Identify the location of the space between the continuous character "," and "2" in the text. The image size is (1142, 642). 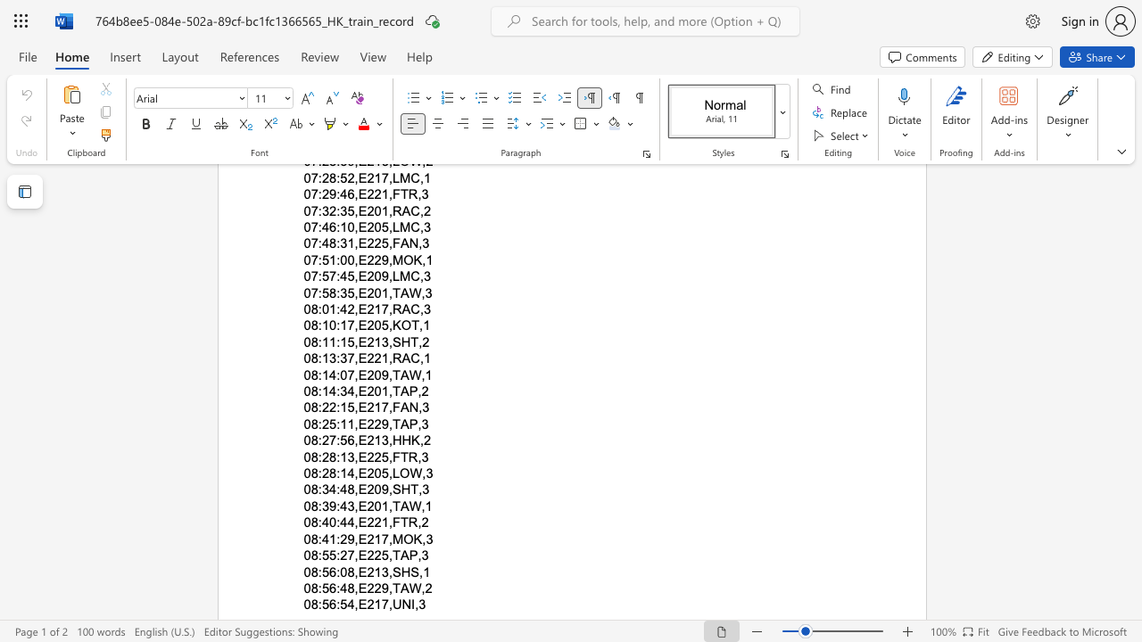
(421, 391).